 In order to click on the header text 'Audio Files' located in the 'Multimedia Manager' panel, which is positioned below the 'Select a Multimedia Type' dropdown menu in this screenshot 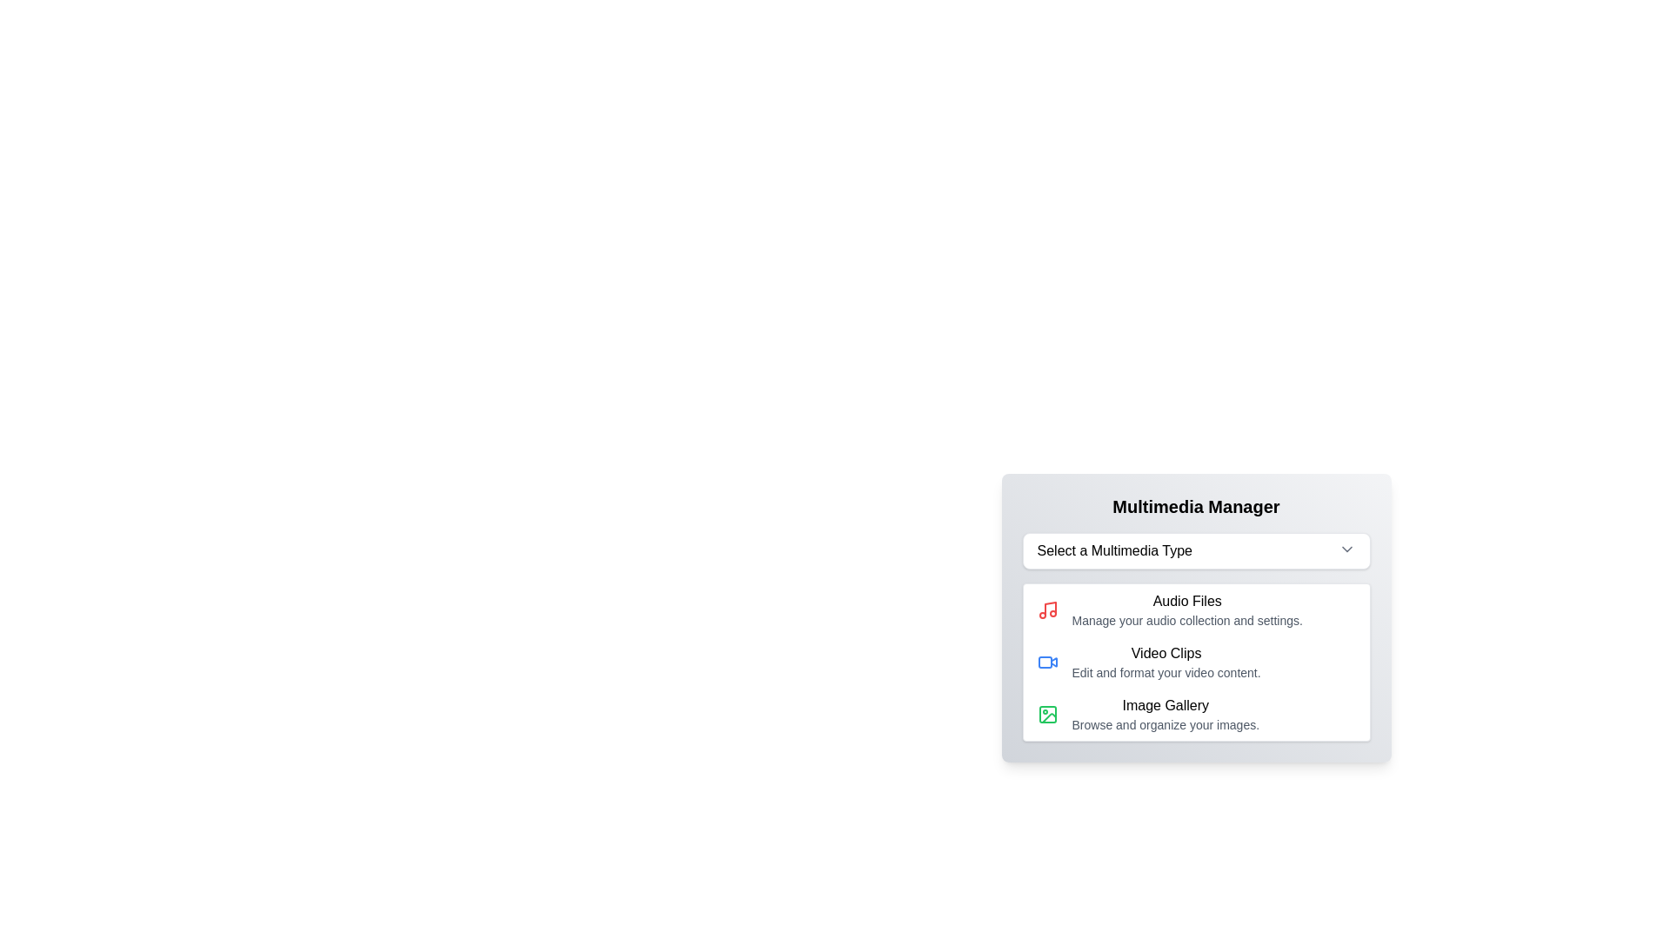, I will do `click(1186, 600)`.